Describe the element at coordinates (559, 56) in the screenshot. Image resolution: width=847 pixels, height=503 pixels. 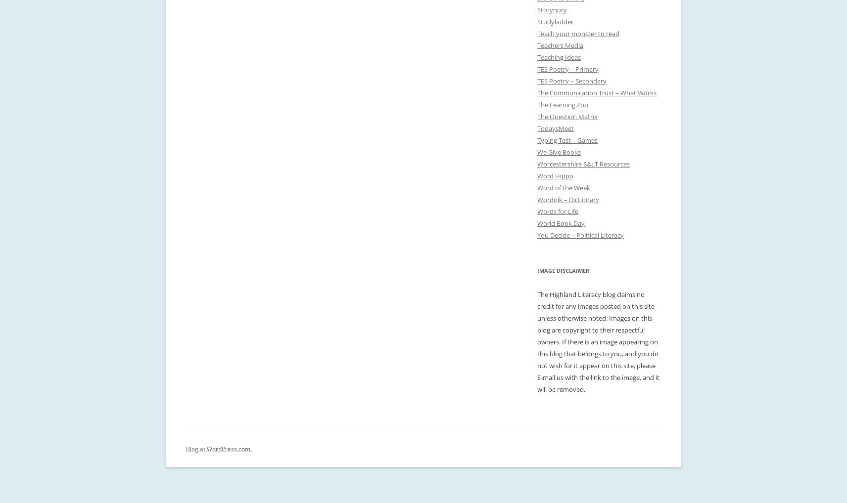
I see `'Teaching Ideas'` at that location.